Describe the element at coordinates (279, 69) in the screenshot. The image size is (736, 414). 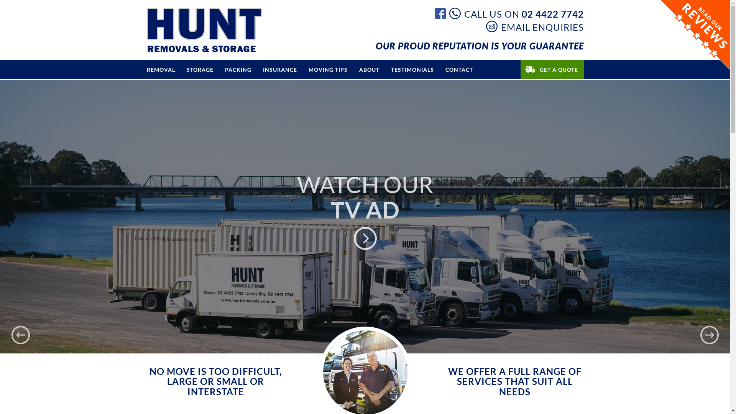
I see `'INSURANCE'` at that location.